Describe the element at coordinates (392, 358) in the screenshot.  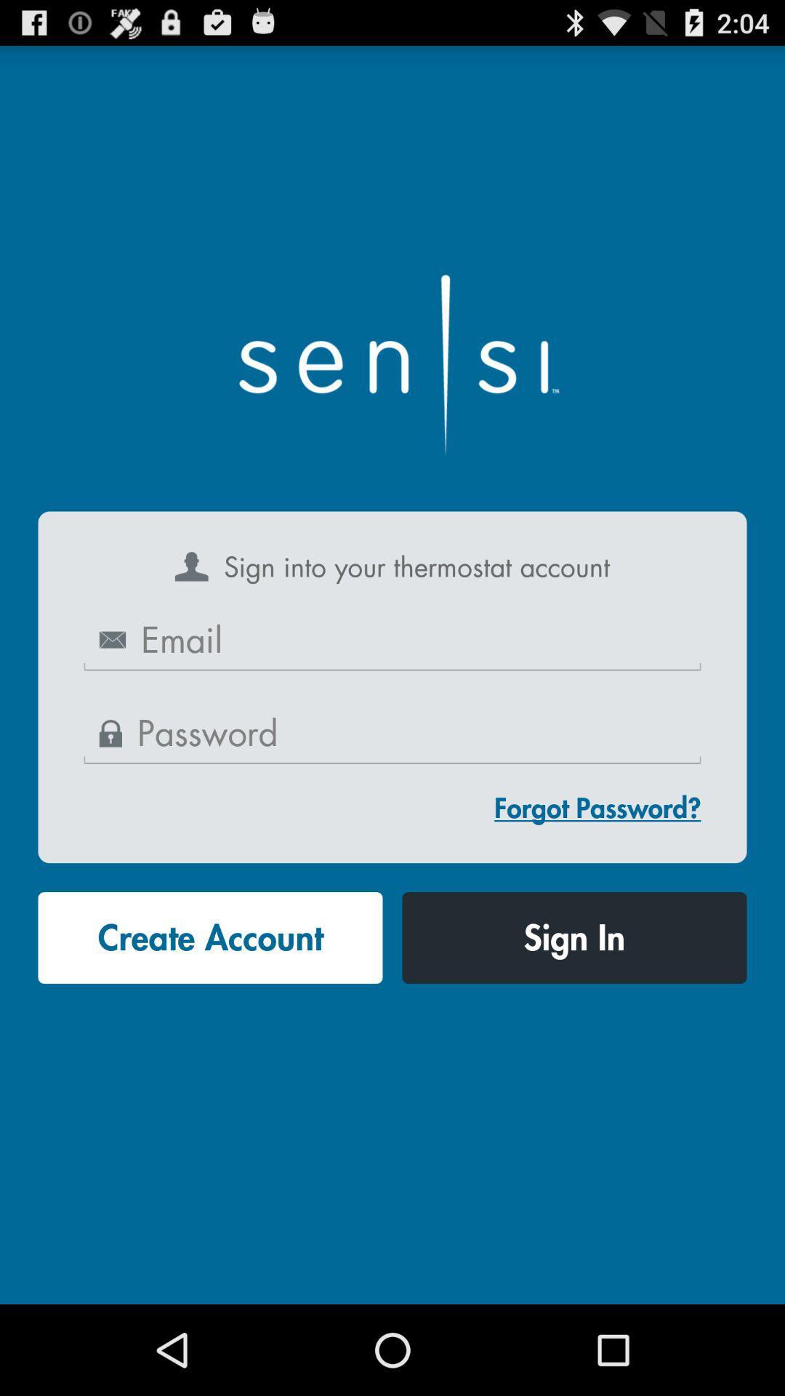
I see `the app above sign into your app` at that location.